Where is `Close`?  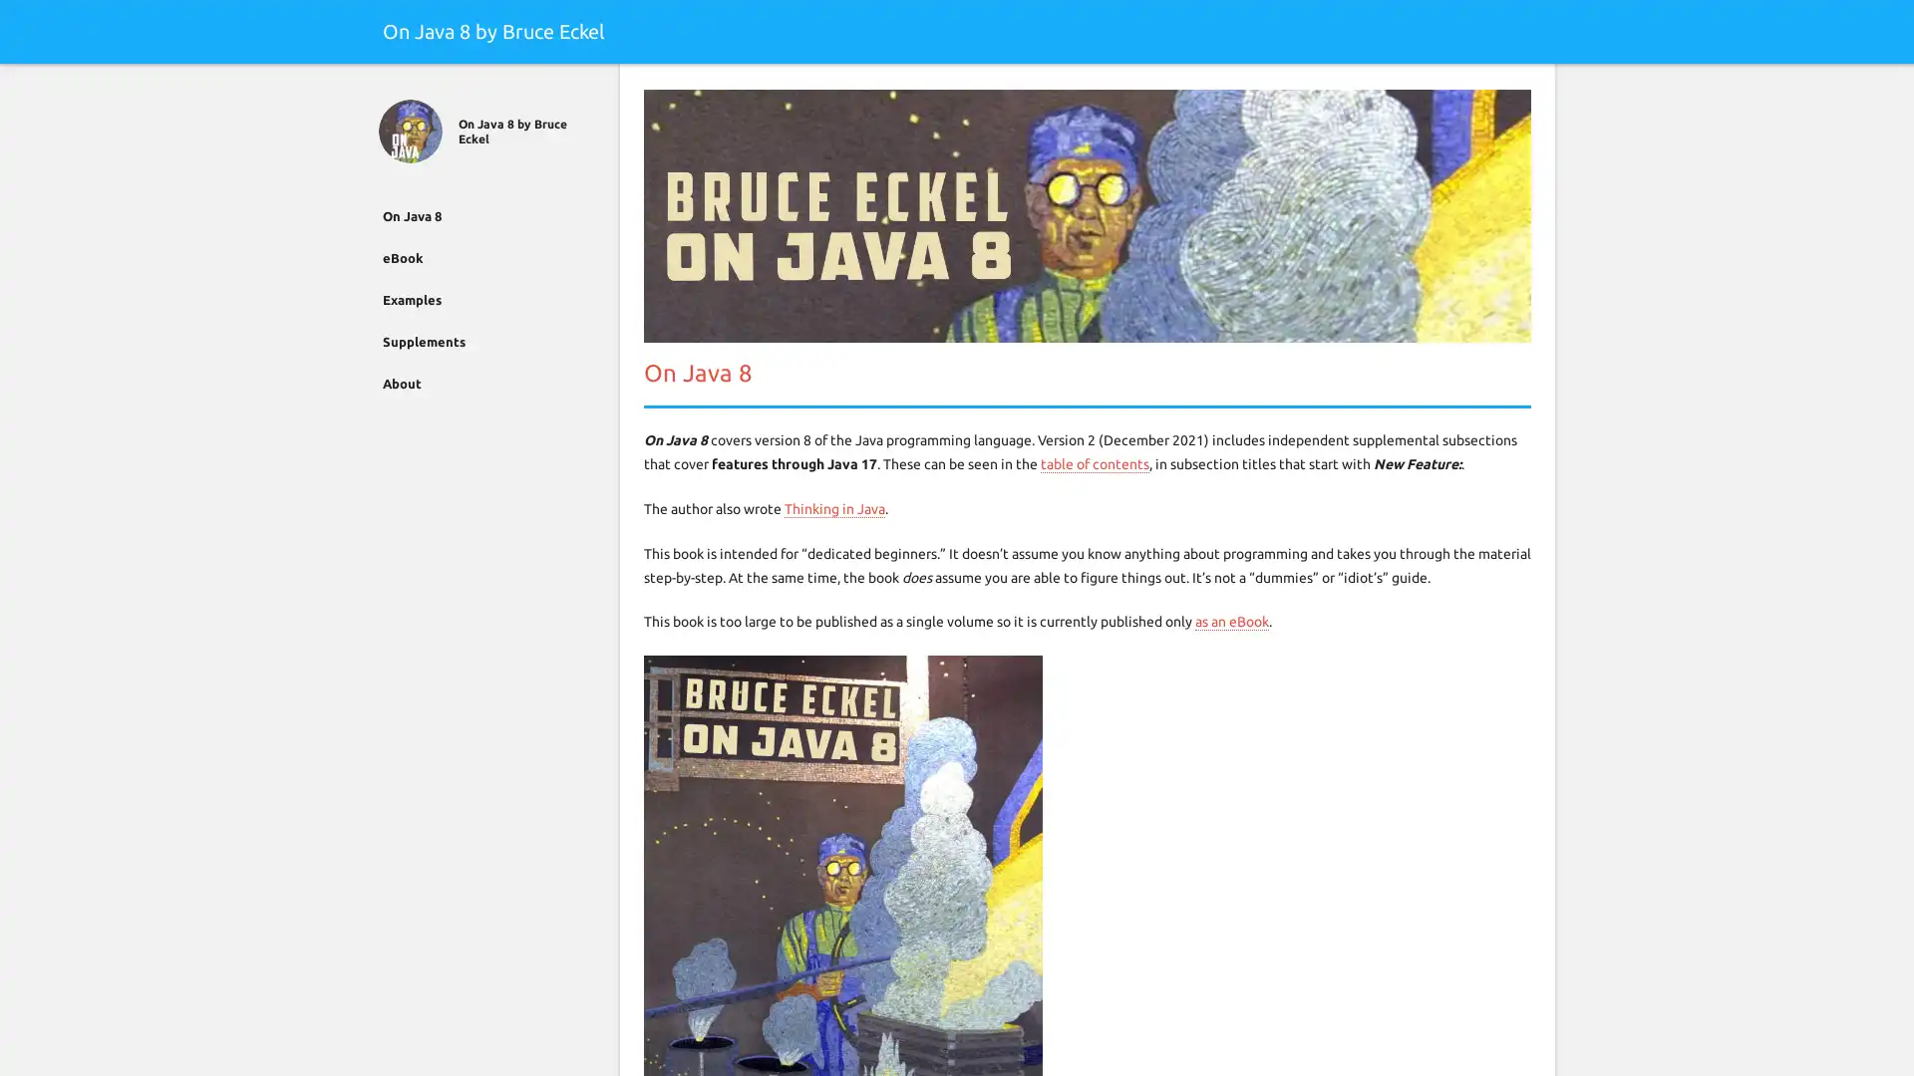
Close is located at coordinates (386, 87).